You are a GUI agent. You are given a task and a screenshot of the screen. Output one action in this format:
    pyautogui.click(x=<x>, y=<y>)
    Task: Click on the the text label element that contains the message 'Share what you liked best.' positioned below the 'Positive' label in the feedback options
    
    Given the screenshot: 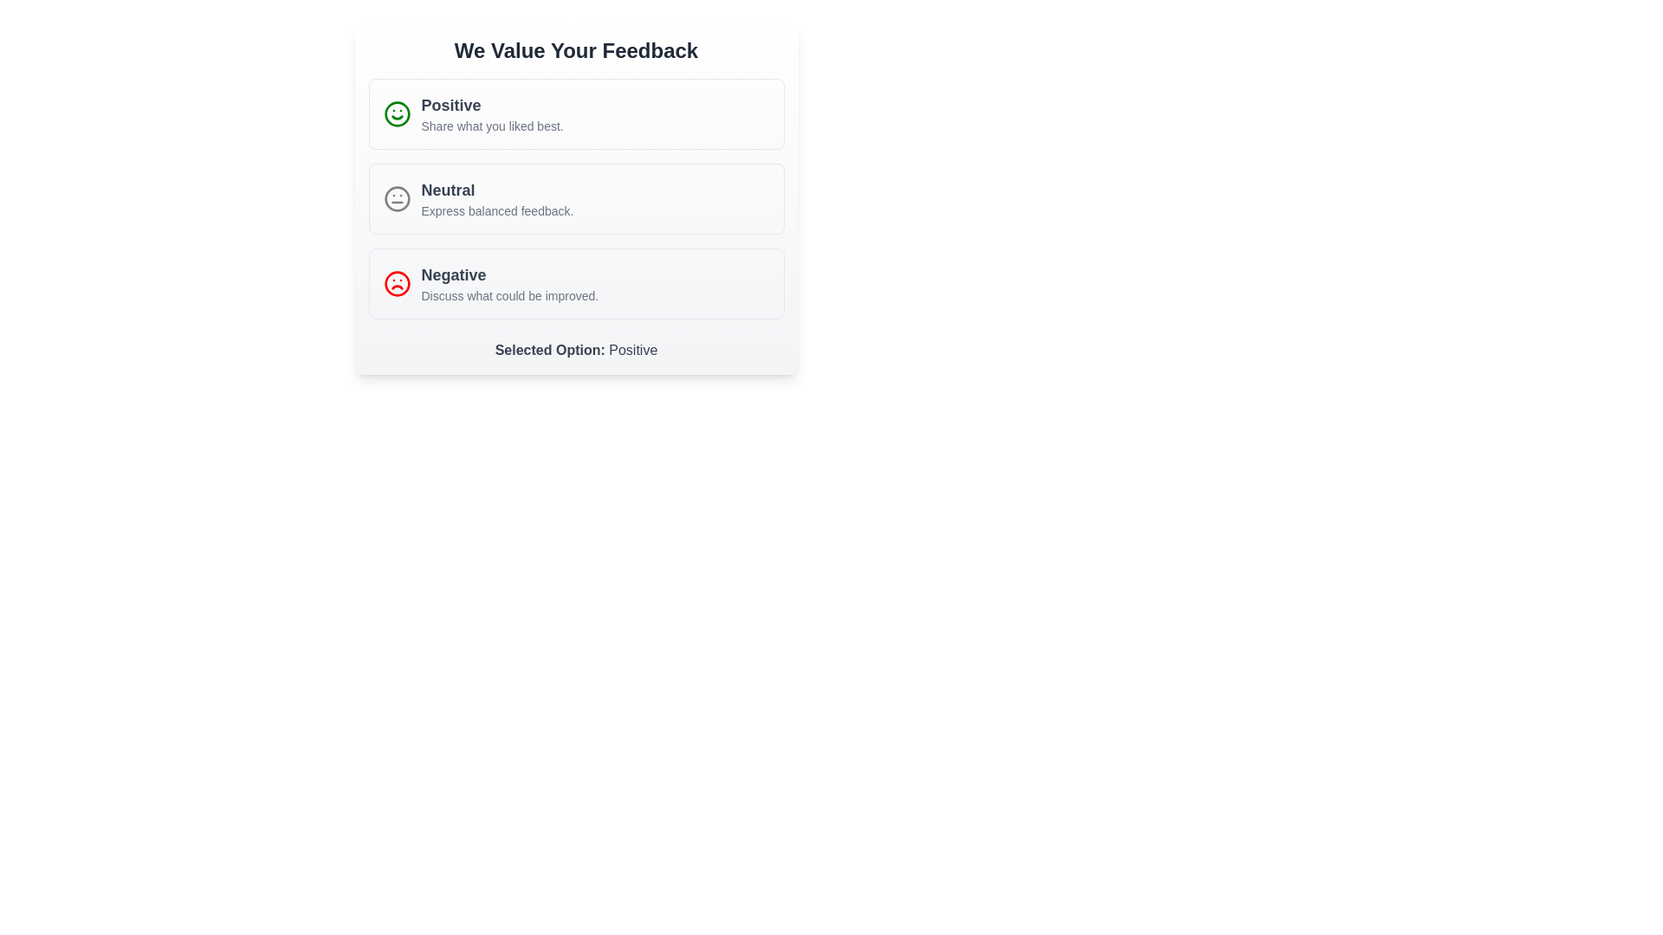 What is the action you would take?
    pyautogui.click(x=491, y=126)
    